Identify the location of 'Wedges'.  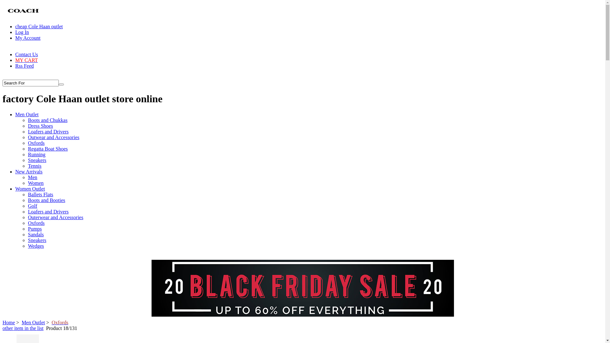
(27, 245).